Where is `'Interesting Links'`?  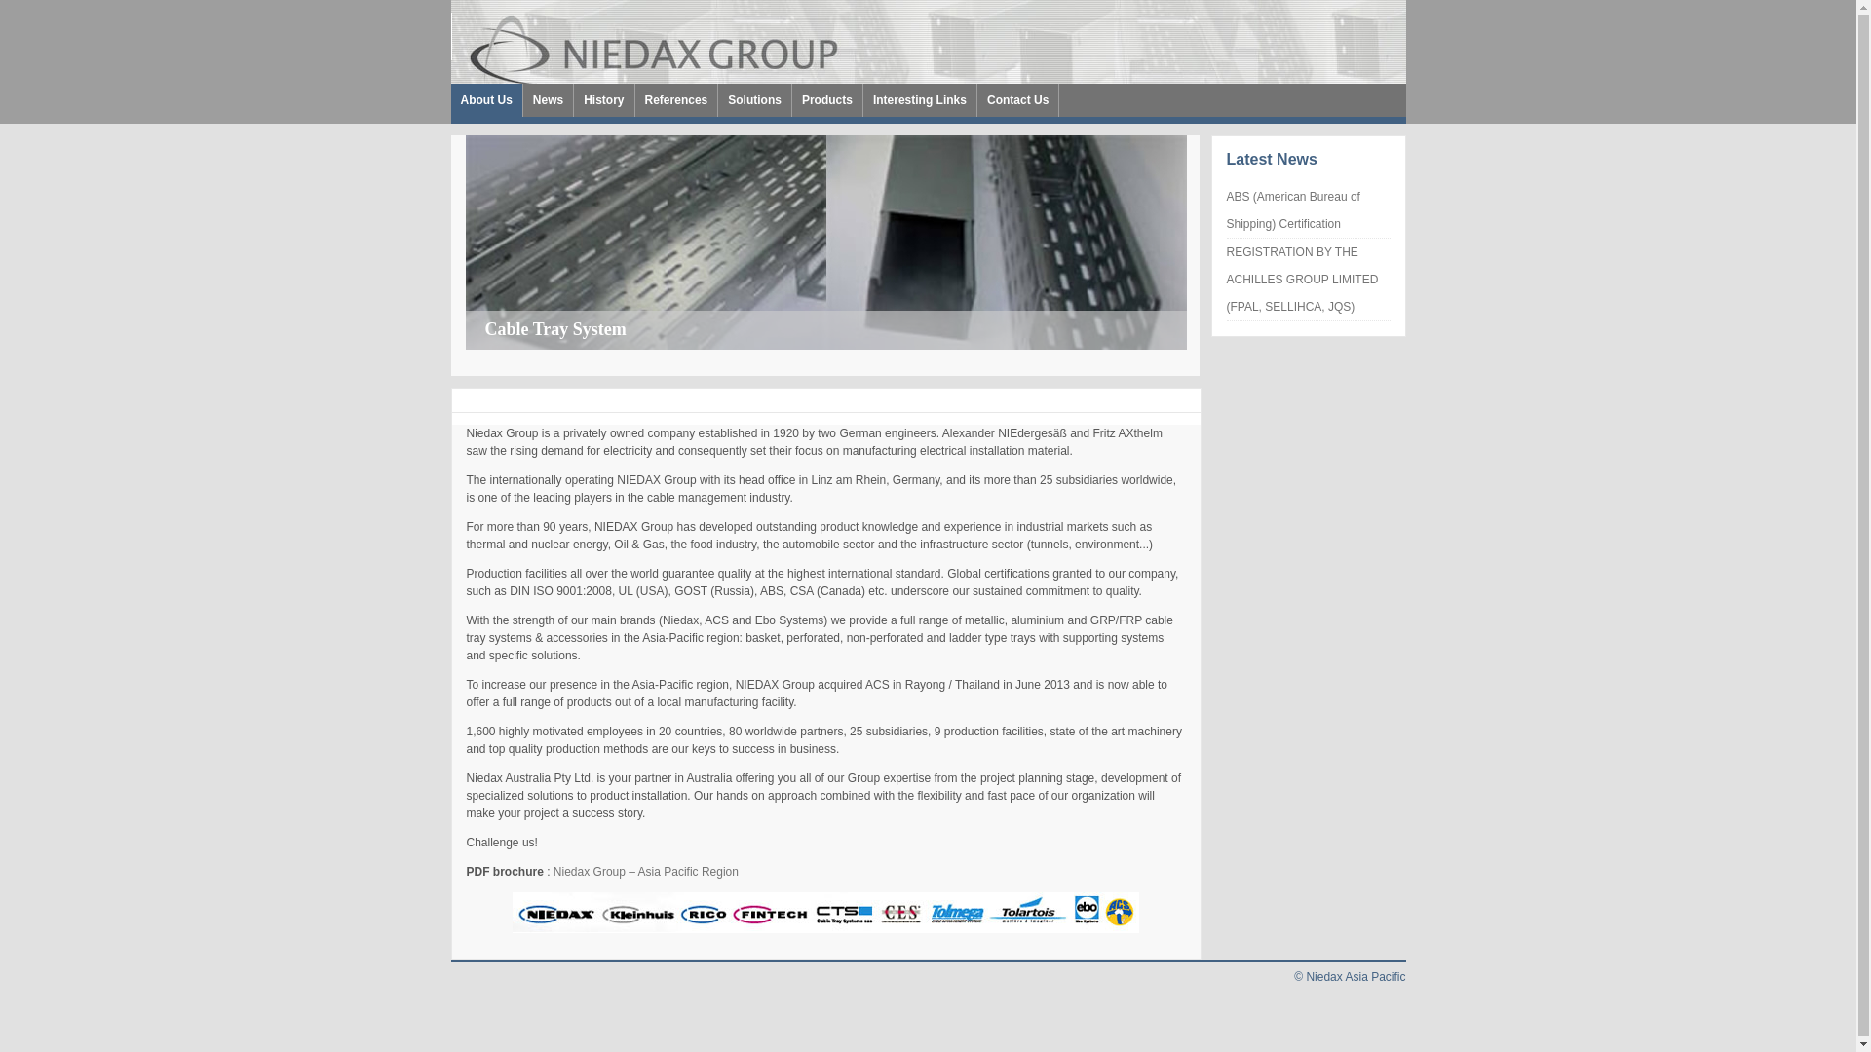
'Interesting Links' is located at coordinates (919, 100).